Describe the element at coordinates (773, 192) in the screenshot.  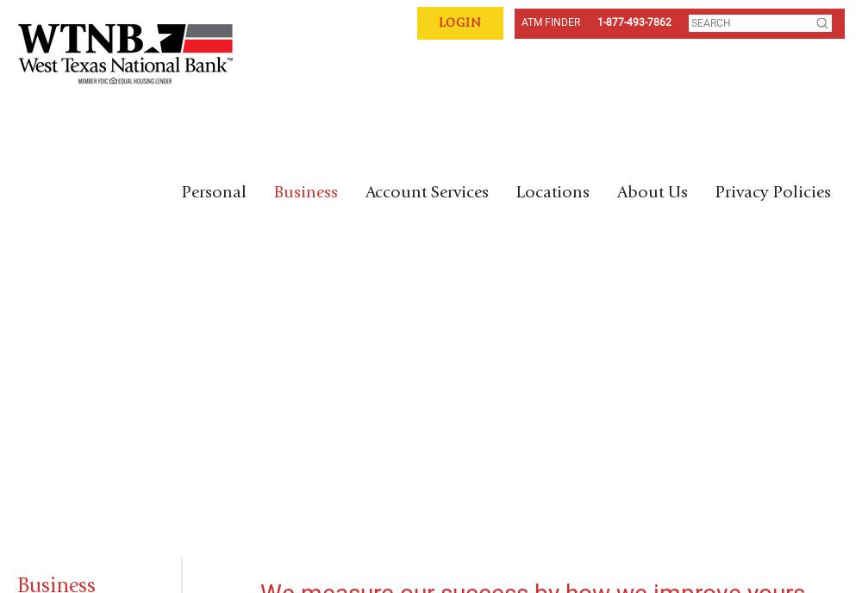
I see `'Privacy Policies'` at that location.